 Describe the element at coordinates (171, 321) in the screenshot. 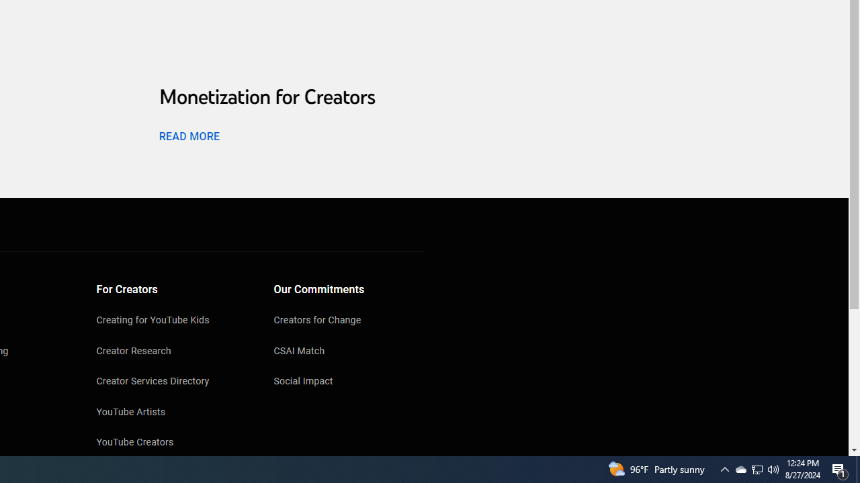

I see `'Creating for YouTube Kids'` at that location.